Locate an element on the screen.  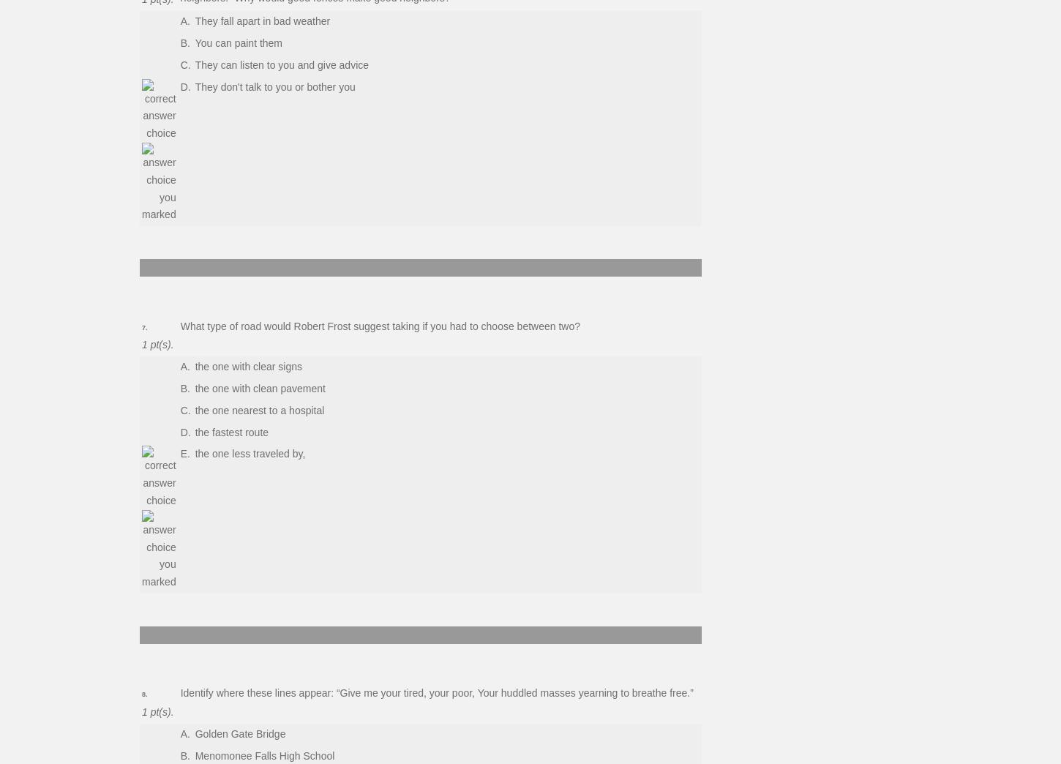
'You can paint them' is located at coordinates (238, 42).